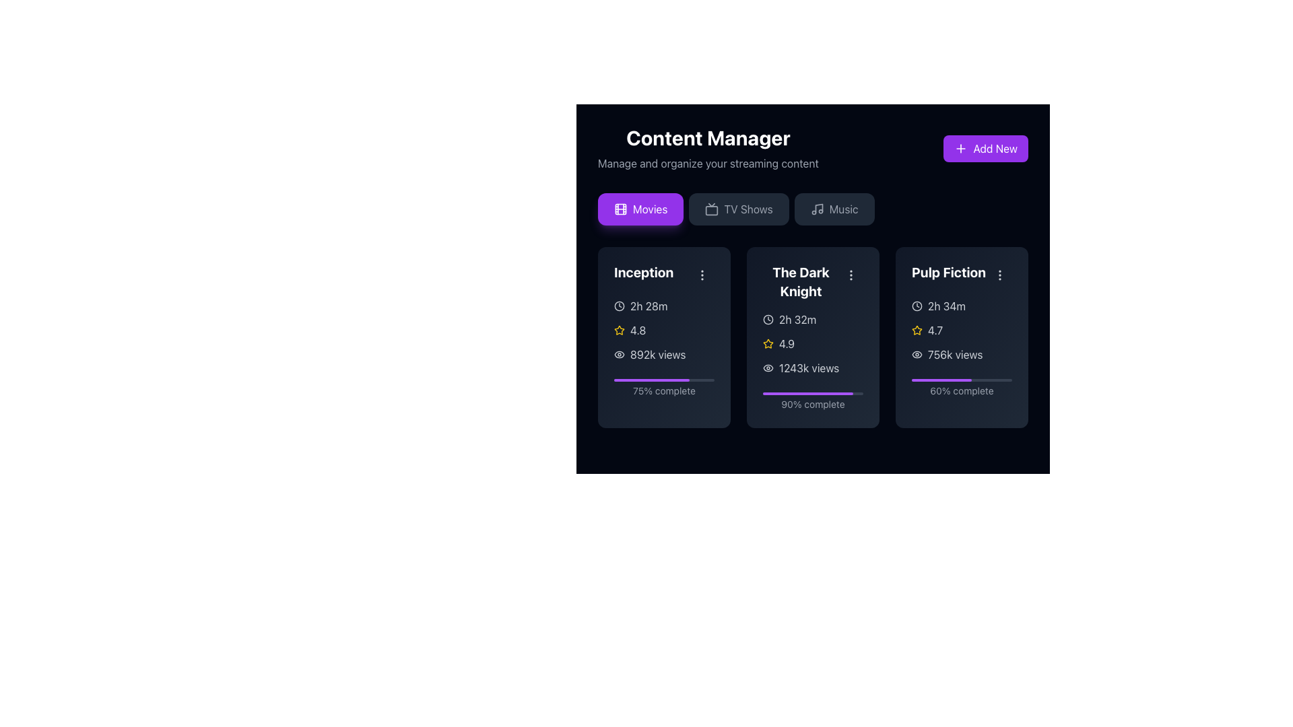  What do you see at coordinates (816, 209) in the screenshot?
I see `the 'Music' button which contains the small gray music note icon, located below the title 'Content Manager' and to the right of the 'TV Shows' button` at bounding box center [816, 209].